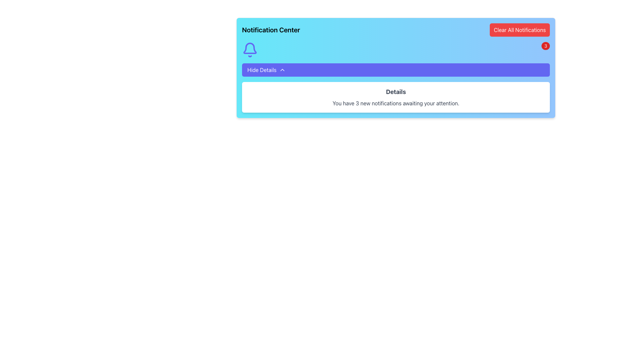  What do you see at coordinates (249, 48) in the screenshot?
I see `the graphical icon that represents notifications located near the top of the notification center panel, slightly to the left` at bounding box center [249, 48].